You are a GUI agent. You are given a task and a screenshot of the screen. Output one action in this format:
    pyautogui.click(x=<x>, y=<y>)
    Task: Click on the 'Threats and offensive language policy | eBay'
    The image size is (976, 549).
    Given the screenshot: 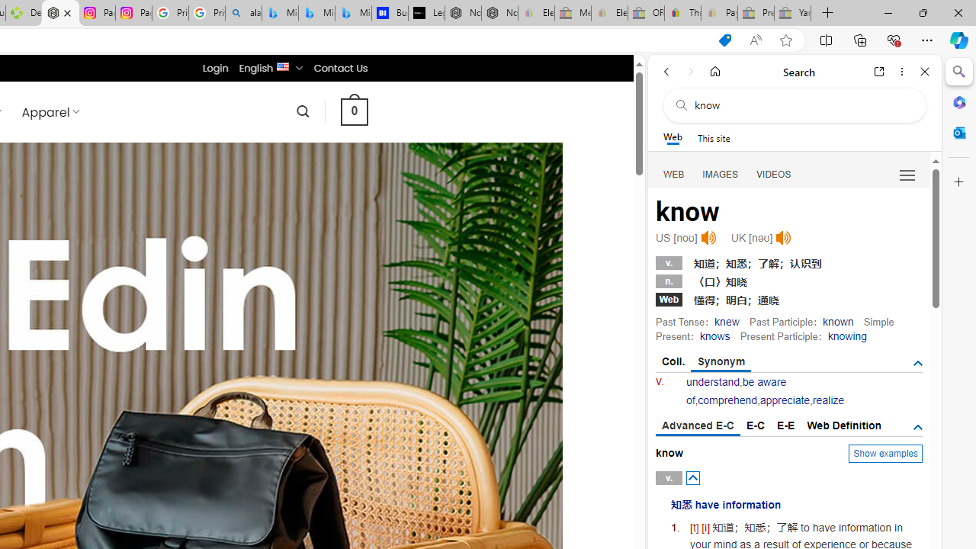 What is the action you would take?
    pyautogui.click(x=682, y=13)
    